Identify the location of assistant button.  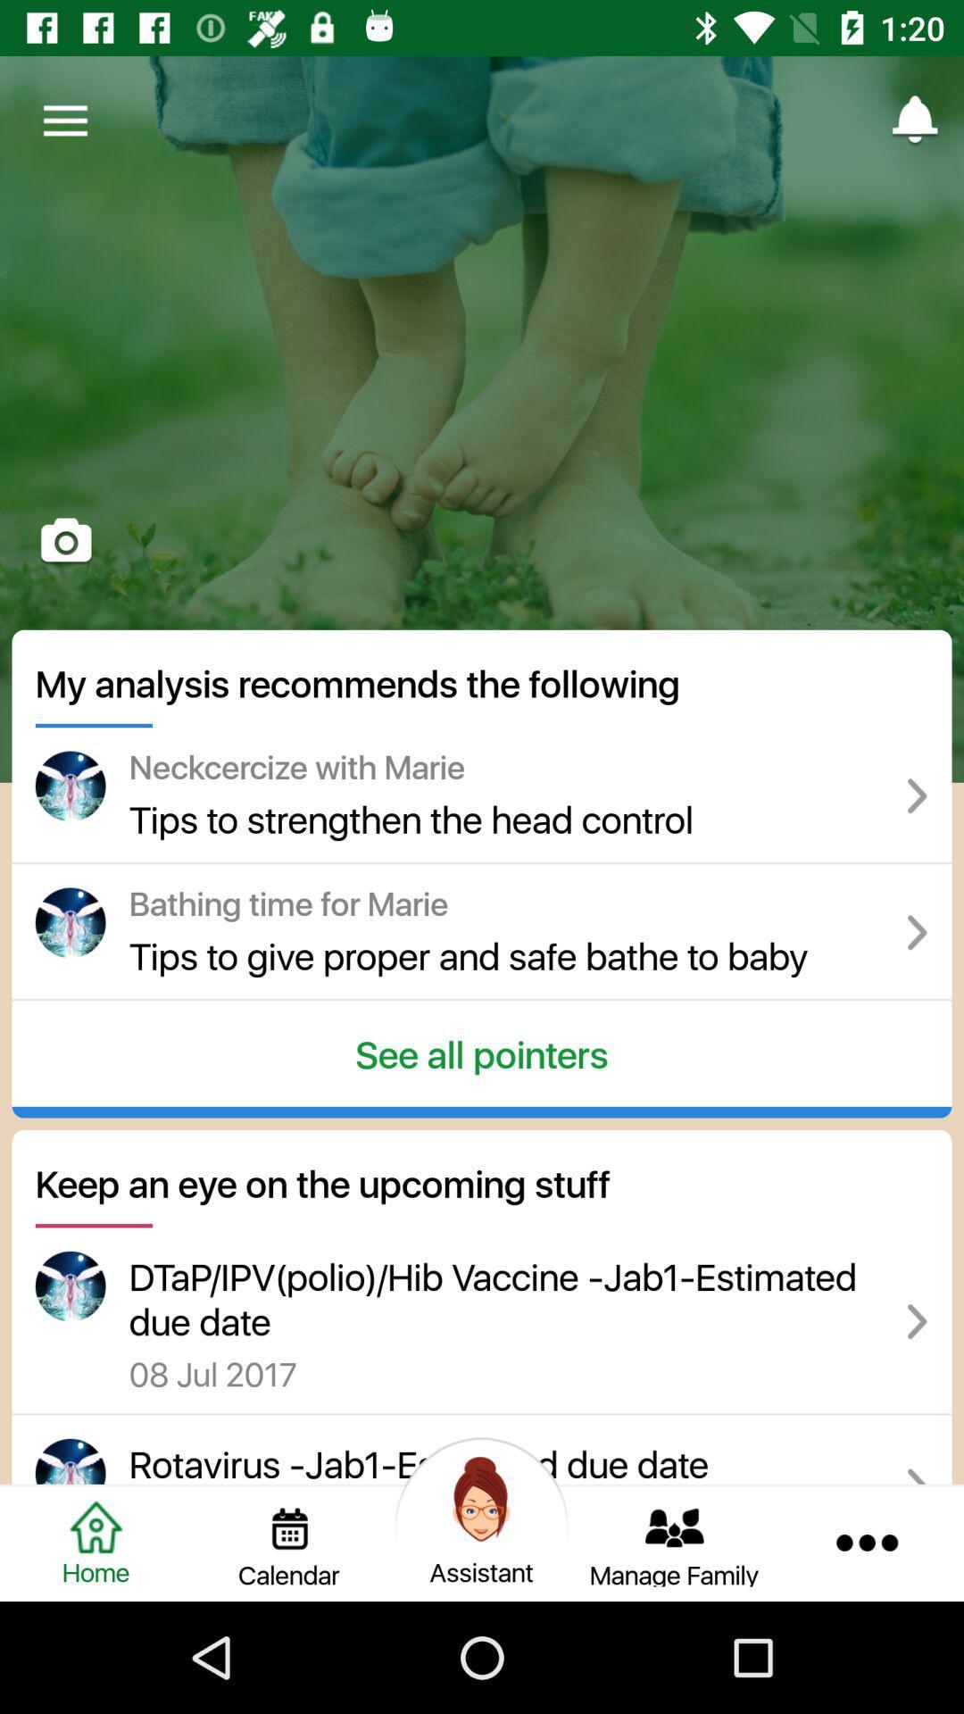
(482, 1500).